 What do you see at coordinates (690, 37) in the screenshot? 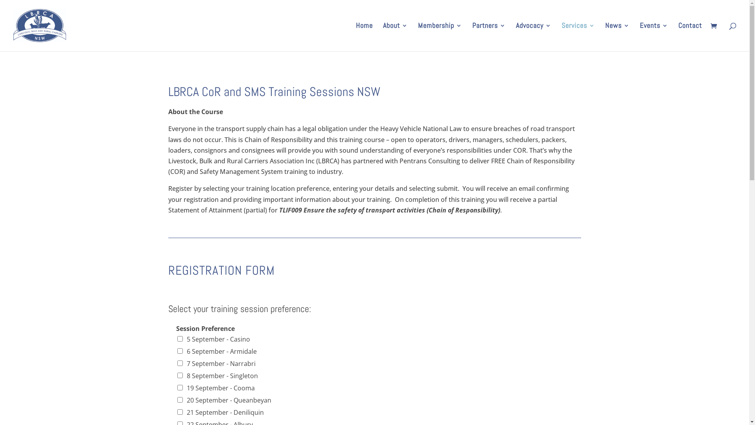
I see `'Contact'` at bounding box center [690, 37].